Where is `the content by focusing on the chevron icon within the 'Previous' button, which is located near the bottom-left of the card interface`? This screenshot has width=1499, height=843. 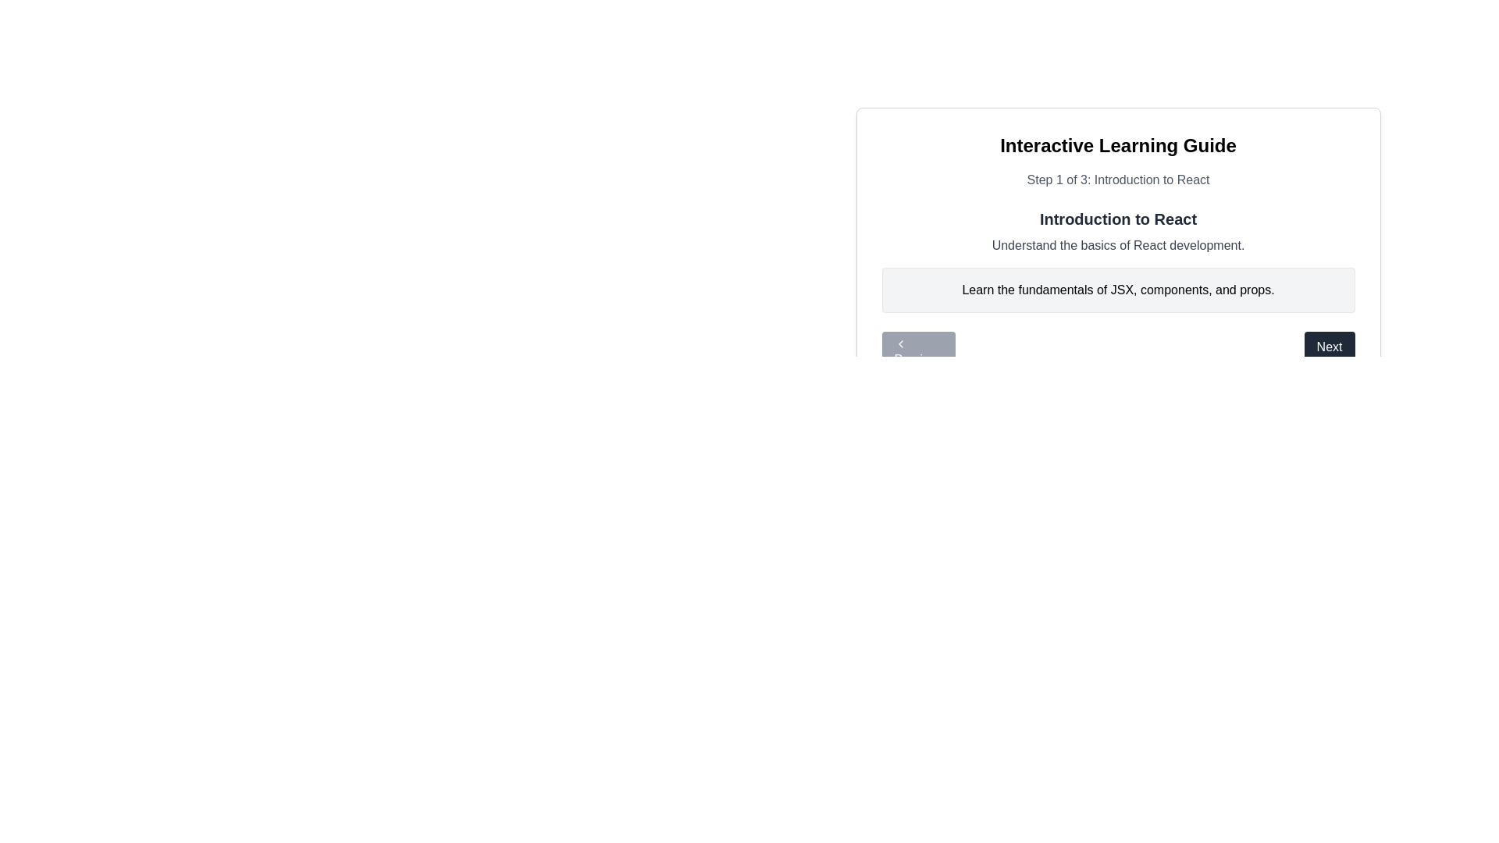
the content by focusing on the chevron icon within the 'Previous' button, which is located near the bottom-left of the card interface is located at coordinates (900, 343).